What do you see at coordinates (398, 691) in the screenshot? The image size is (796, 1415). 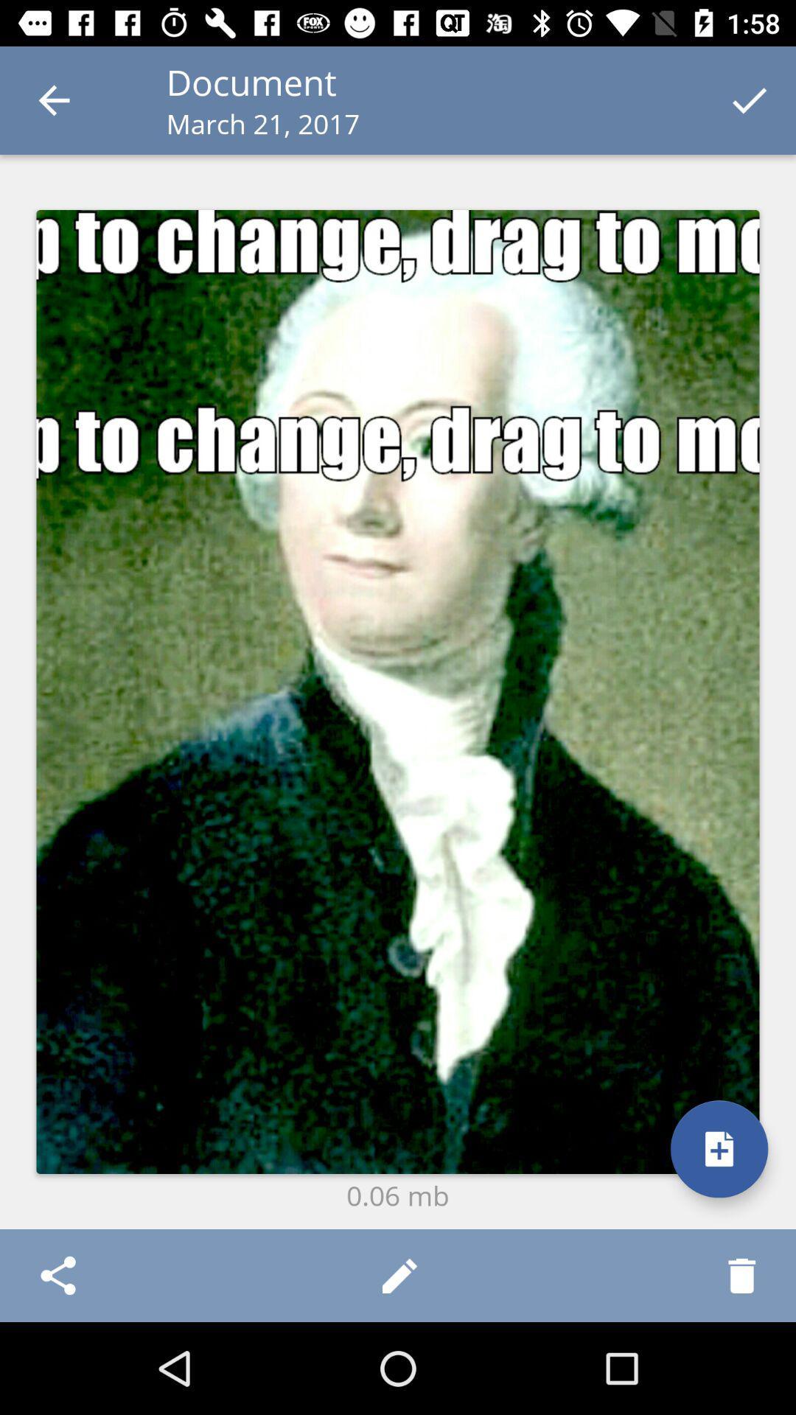 I see `the icon above the 0.06 mb` at bounding box center [398, 691].